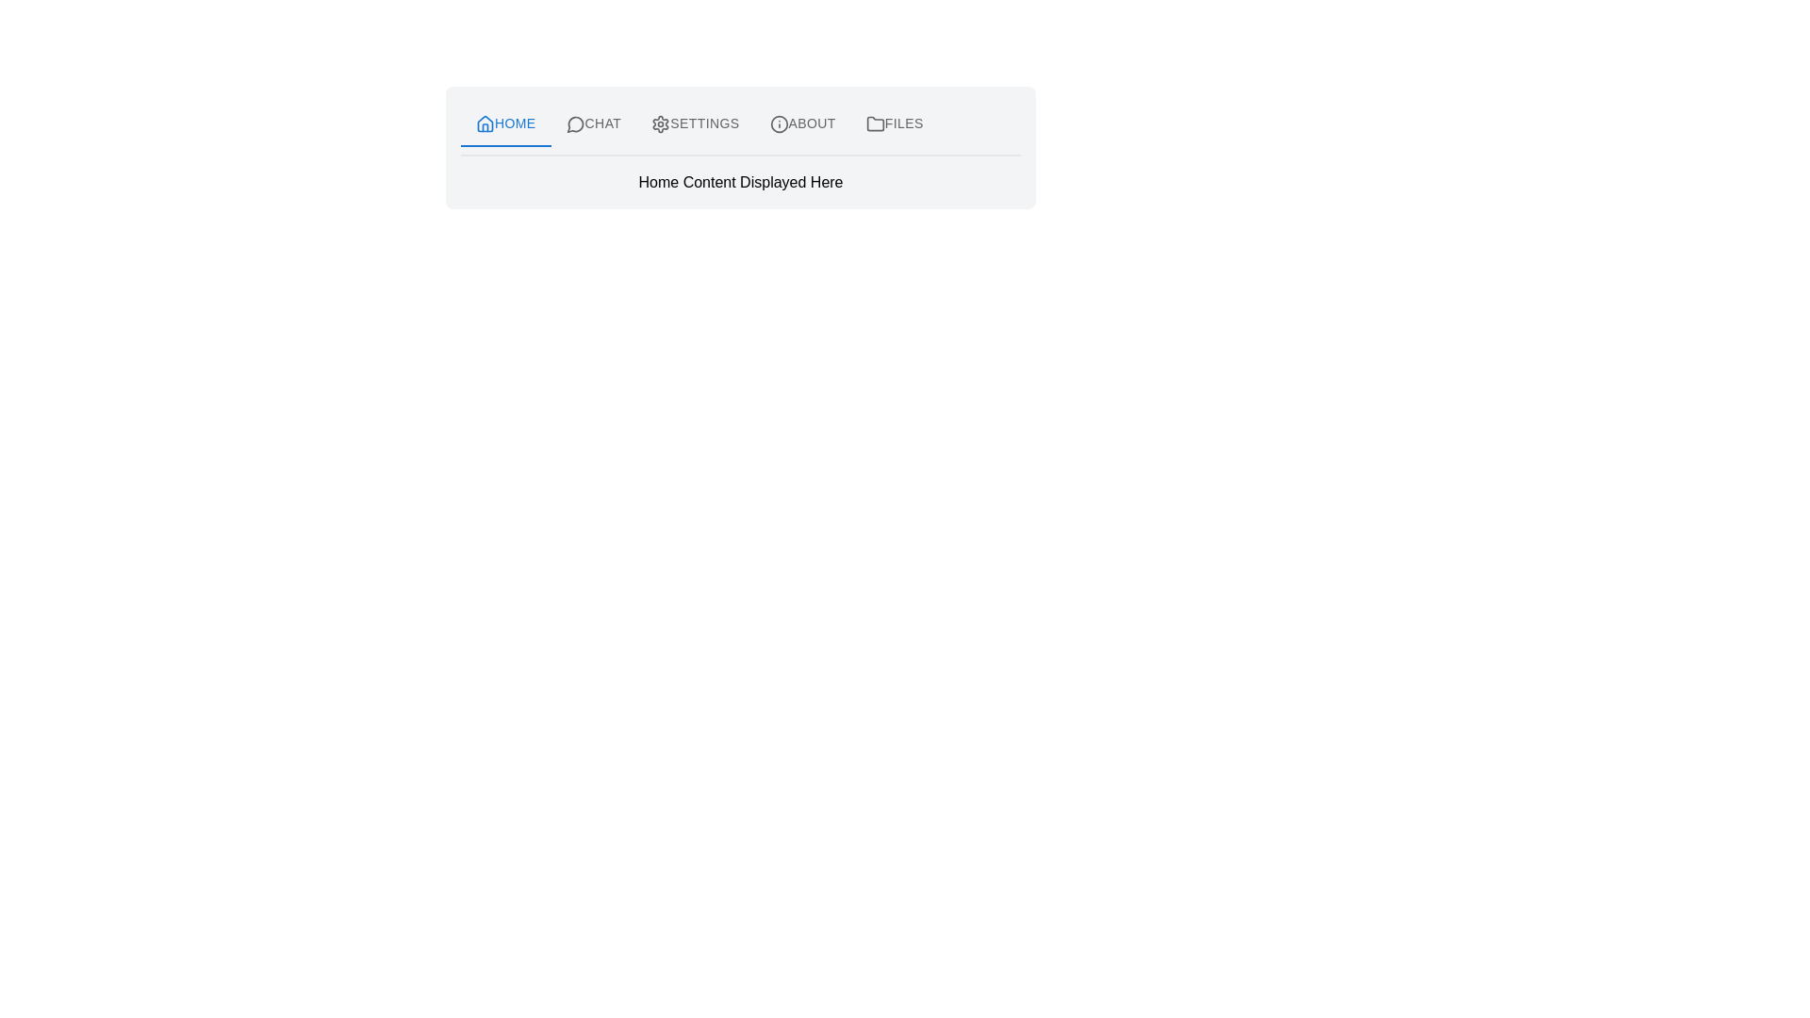  I want to click on the chat bubble icon in the navigation bar, so click(574, 123).